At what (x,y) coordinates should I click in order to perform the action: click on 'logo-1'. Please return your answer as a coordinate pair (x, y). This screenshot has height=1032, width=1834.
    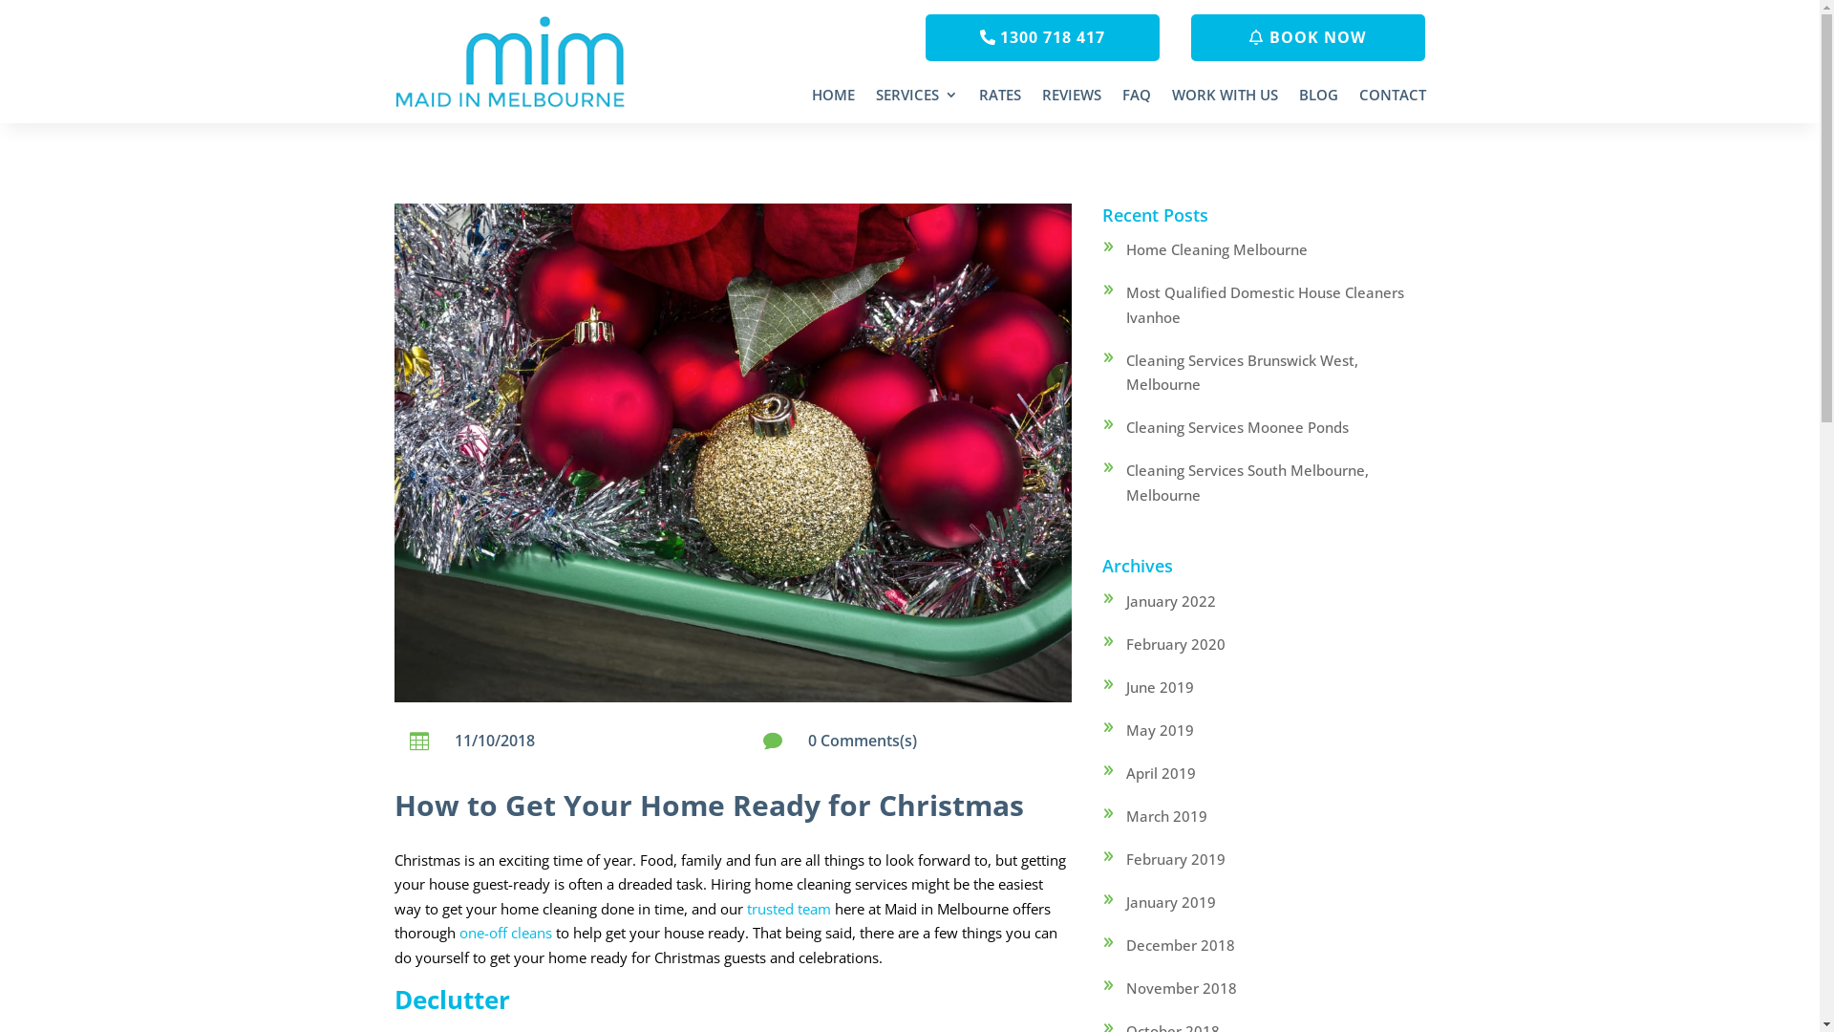
    Looking at the image, I should click on (512, 61).